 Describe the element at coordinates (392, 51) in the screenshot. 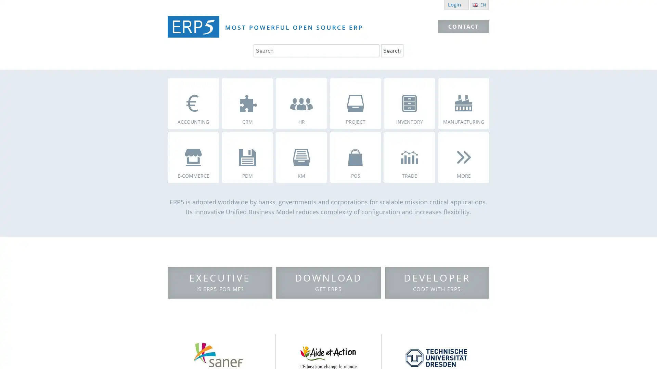

I see `Search` at that location.